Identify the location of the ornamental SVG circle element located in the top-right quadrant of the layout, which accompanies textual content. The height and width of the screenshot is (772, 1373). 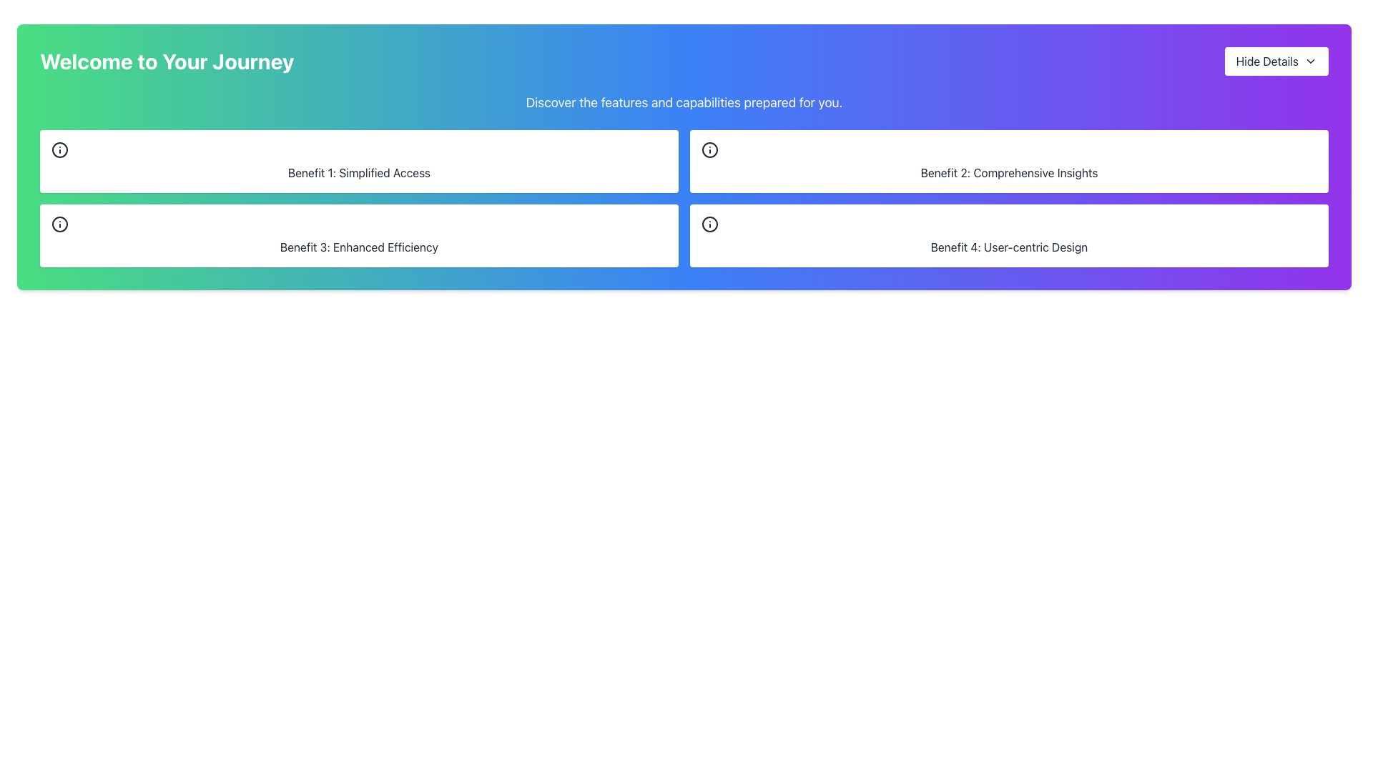
(710, 149).